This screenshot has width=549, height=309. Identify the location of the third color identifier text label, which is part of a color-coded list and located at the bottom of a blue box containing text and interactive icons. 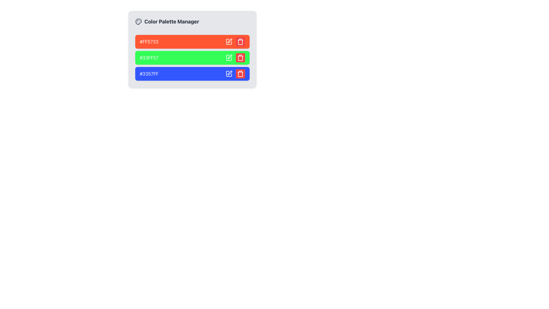
(149, 74).